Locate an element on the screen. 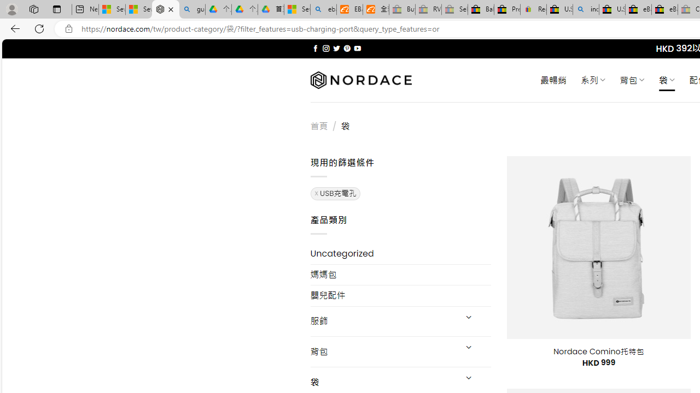  'Follow on Instagram' is located at coordinates (325, 48).